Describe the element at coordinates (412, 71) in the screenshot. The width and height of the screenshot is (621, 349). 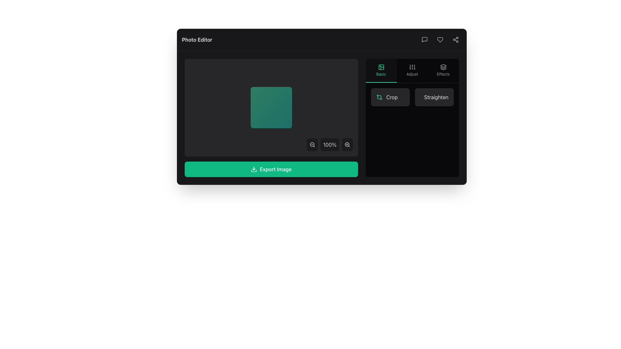
I see `the 'Adjust' button in the navigation bar` at that location.